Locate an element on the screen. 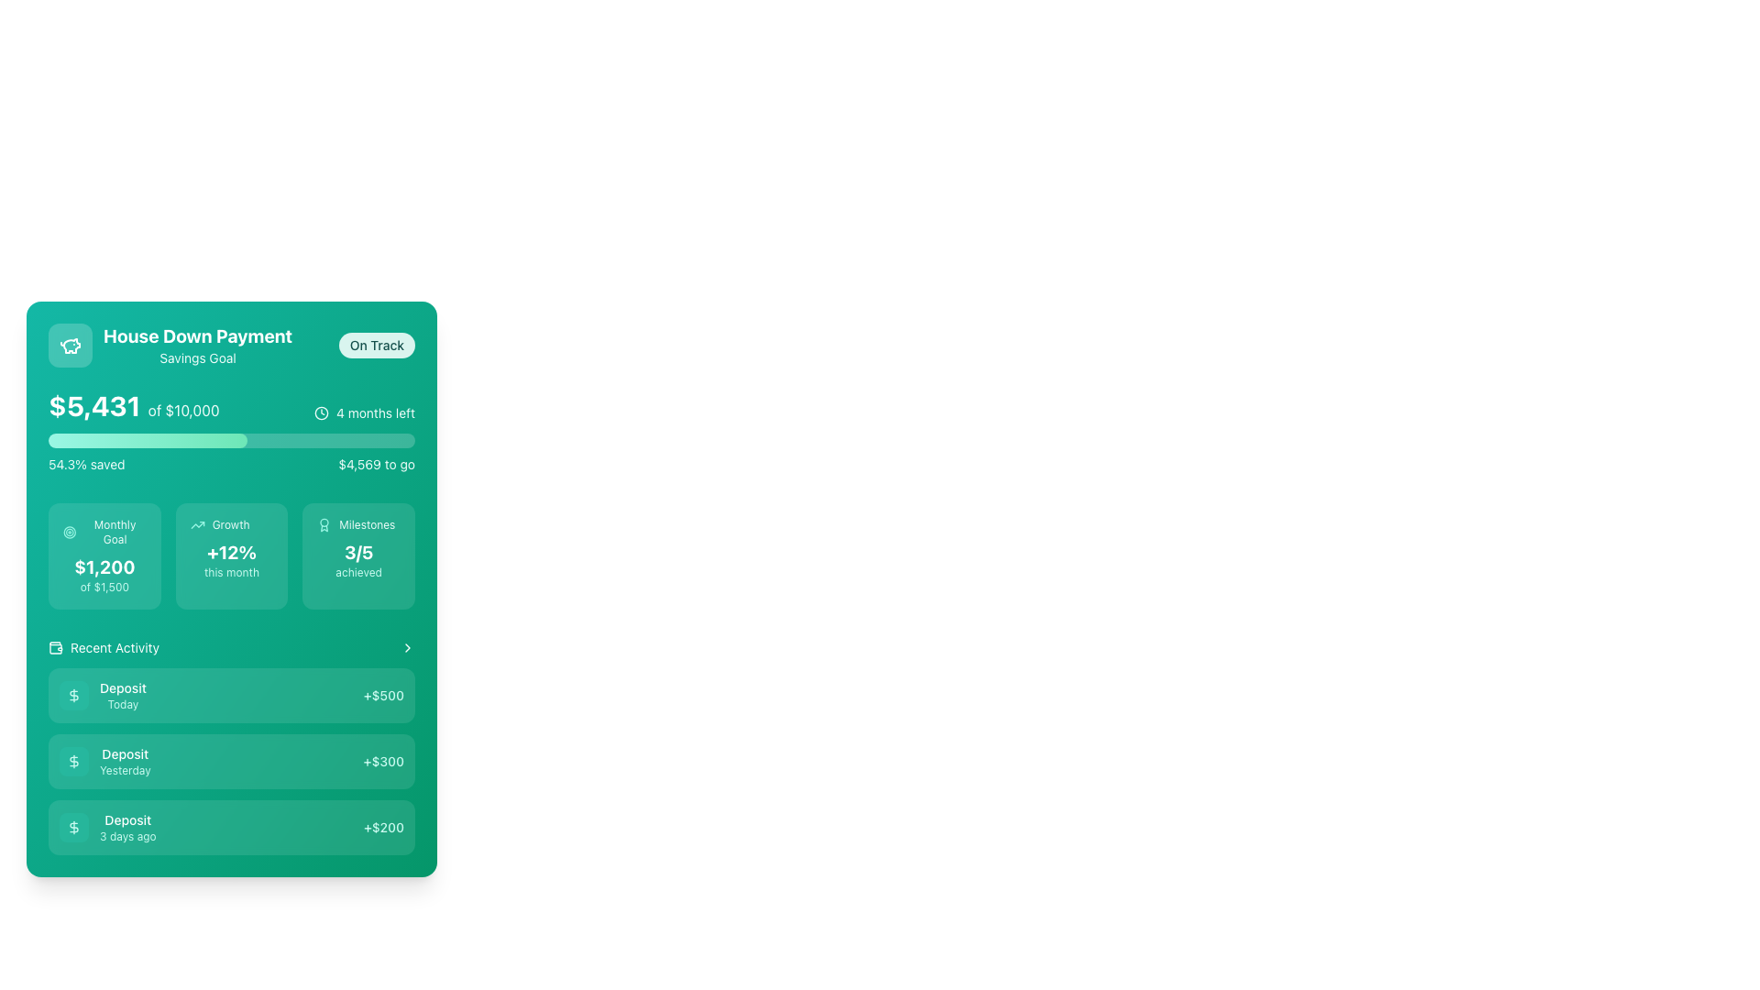  static text label that provides contextual information about the total goal amount for the ongoing savings progress, located immediately to the right of the bold-text "$5,431" is located at coordinates (183, 409).